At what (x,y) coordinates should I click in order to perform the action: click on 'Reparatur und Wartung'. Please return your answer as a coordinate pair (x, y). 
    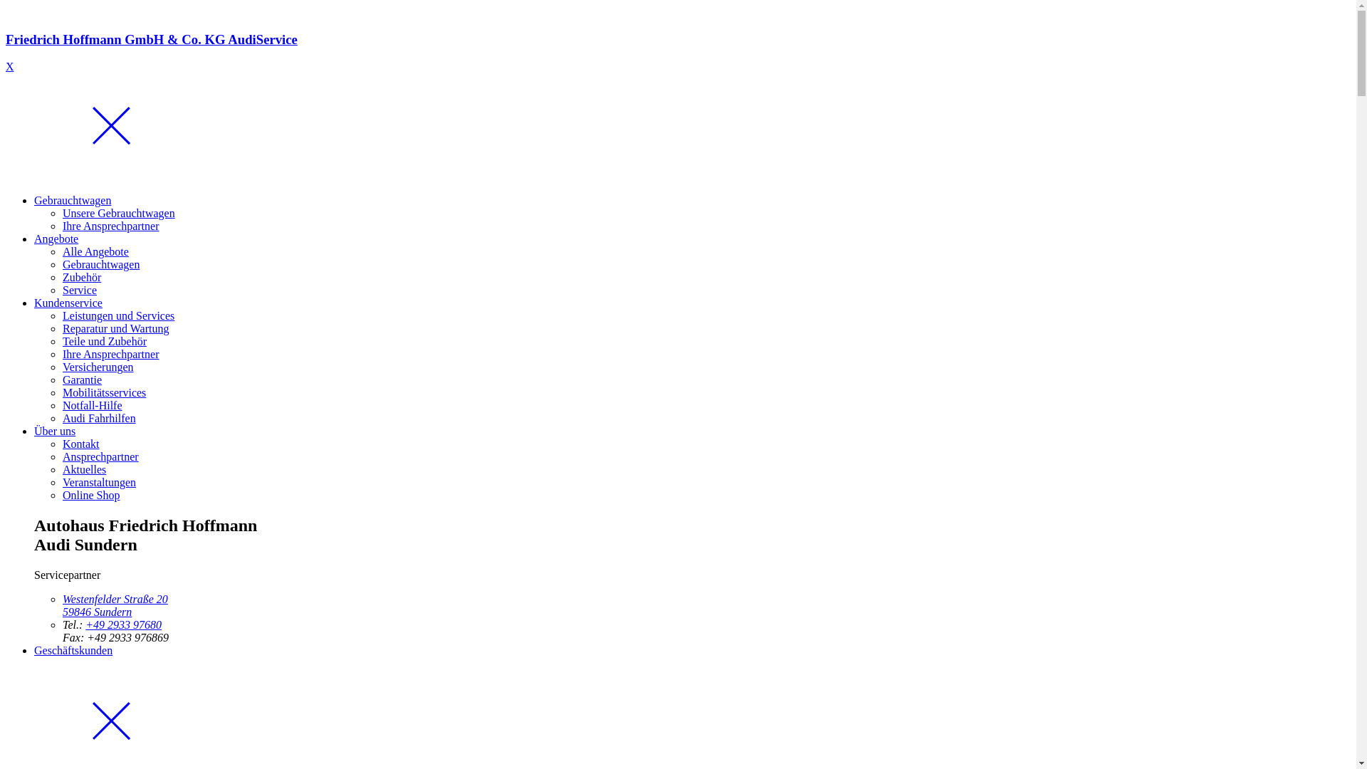
    Looking at the image, I should click on (115, 328).